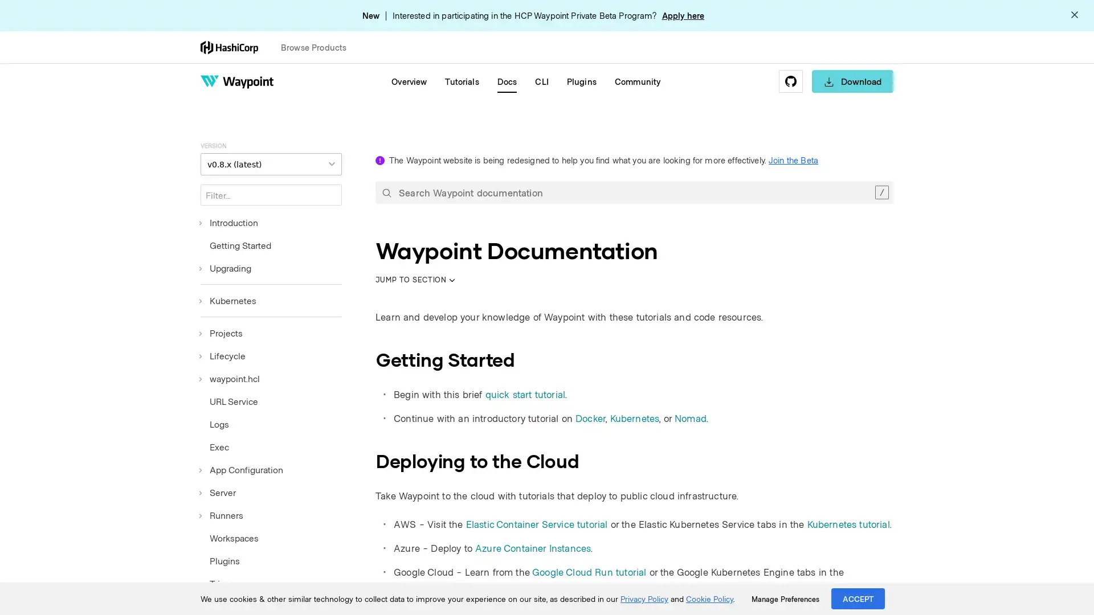 This screenshot has height=615, width=1094. Describe the element at coordinates (226, 268) in the screenshot. I see `Upgrading` at that location.